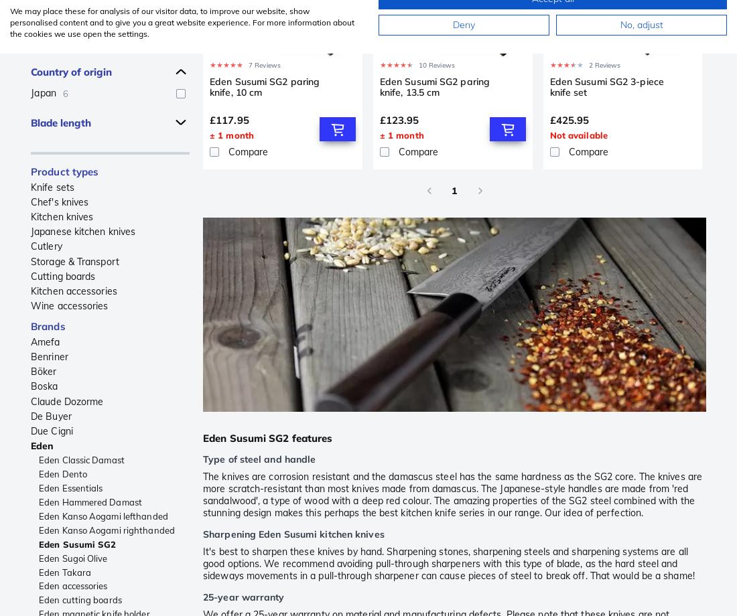 The width and height of the screenshot is (737, 616). What do you see at coordinates (38, 556) in the screenshot?
I see `'Eden Sugoi Olive'` at bounding box center [38, 556].